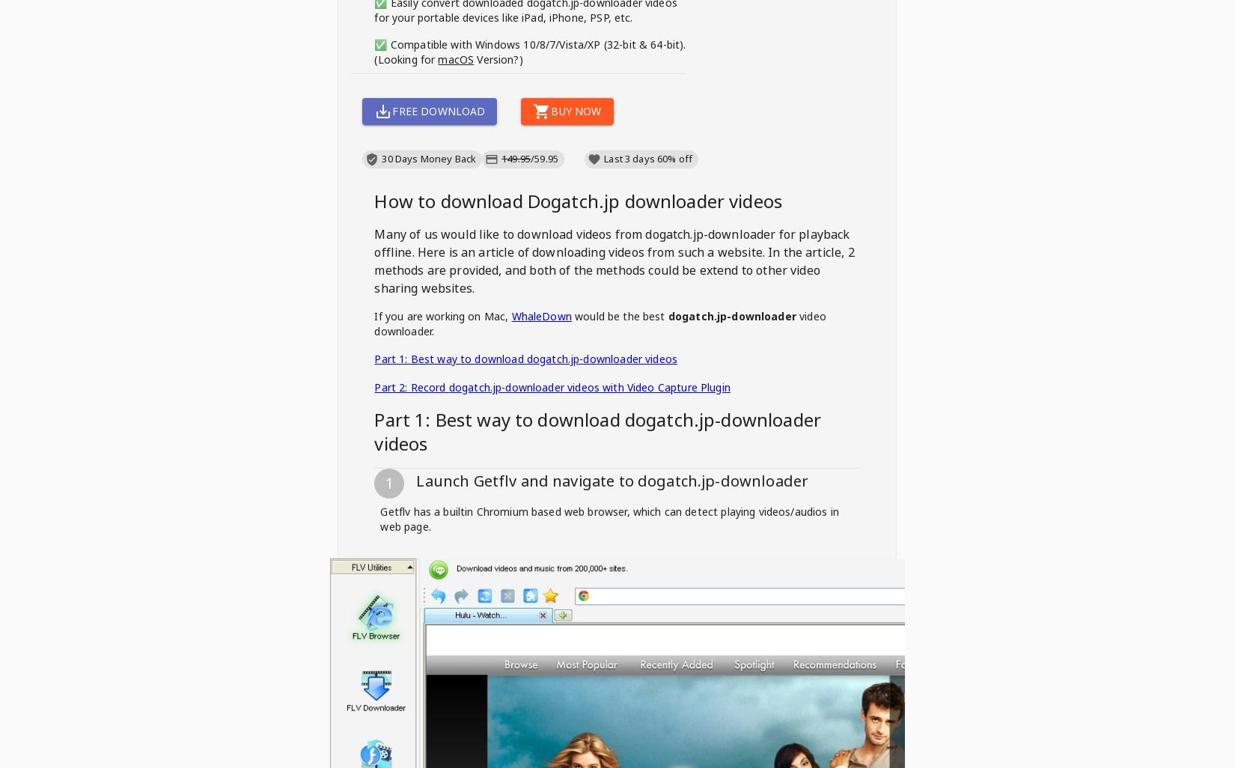  What do you see at coordinates (508, 234) in the screenshot?
I see `'Many of us would like to download videos from'` at bounding box center [508, 234].